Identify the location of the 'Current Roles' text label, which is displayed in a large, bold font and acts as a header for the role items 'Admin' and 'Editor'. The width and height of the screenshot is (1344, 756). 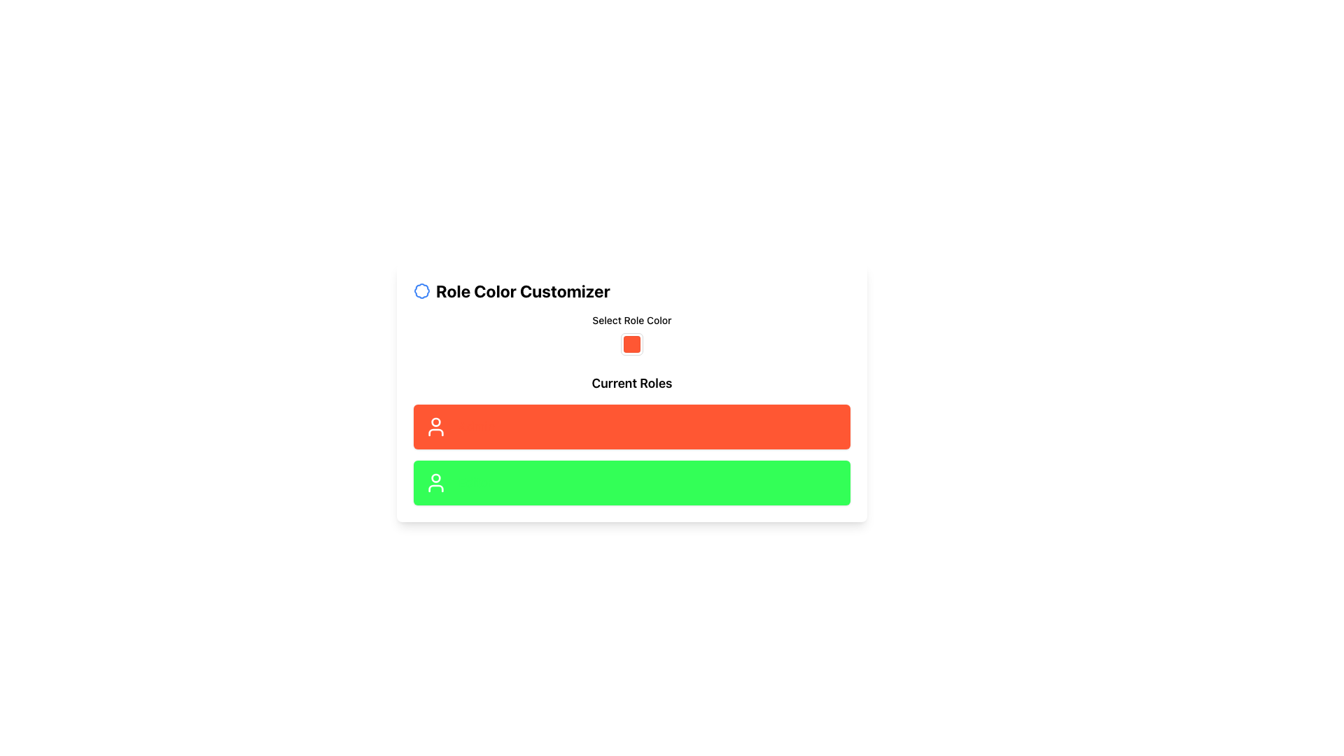
(631, 383).